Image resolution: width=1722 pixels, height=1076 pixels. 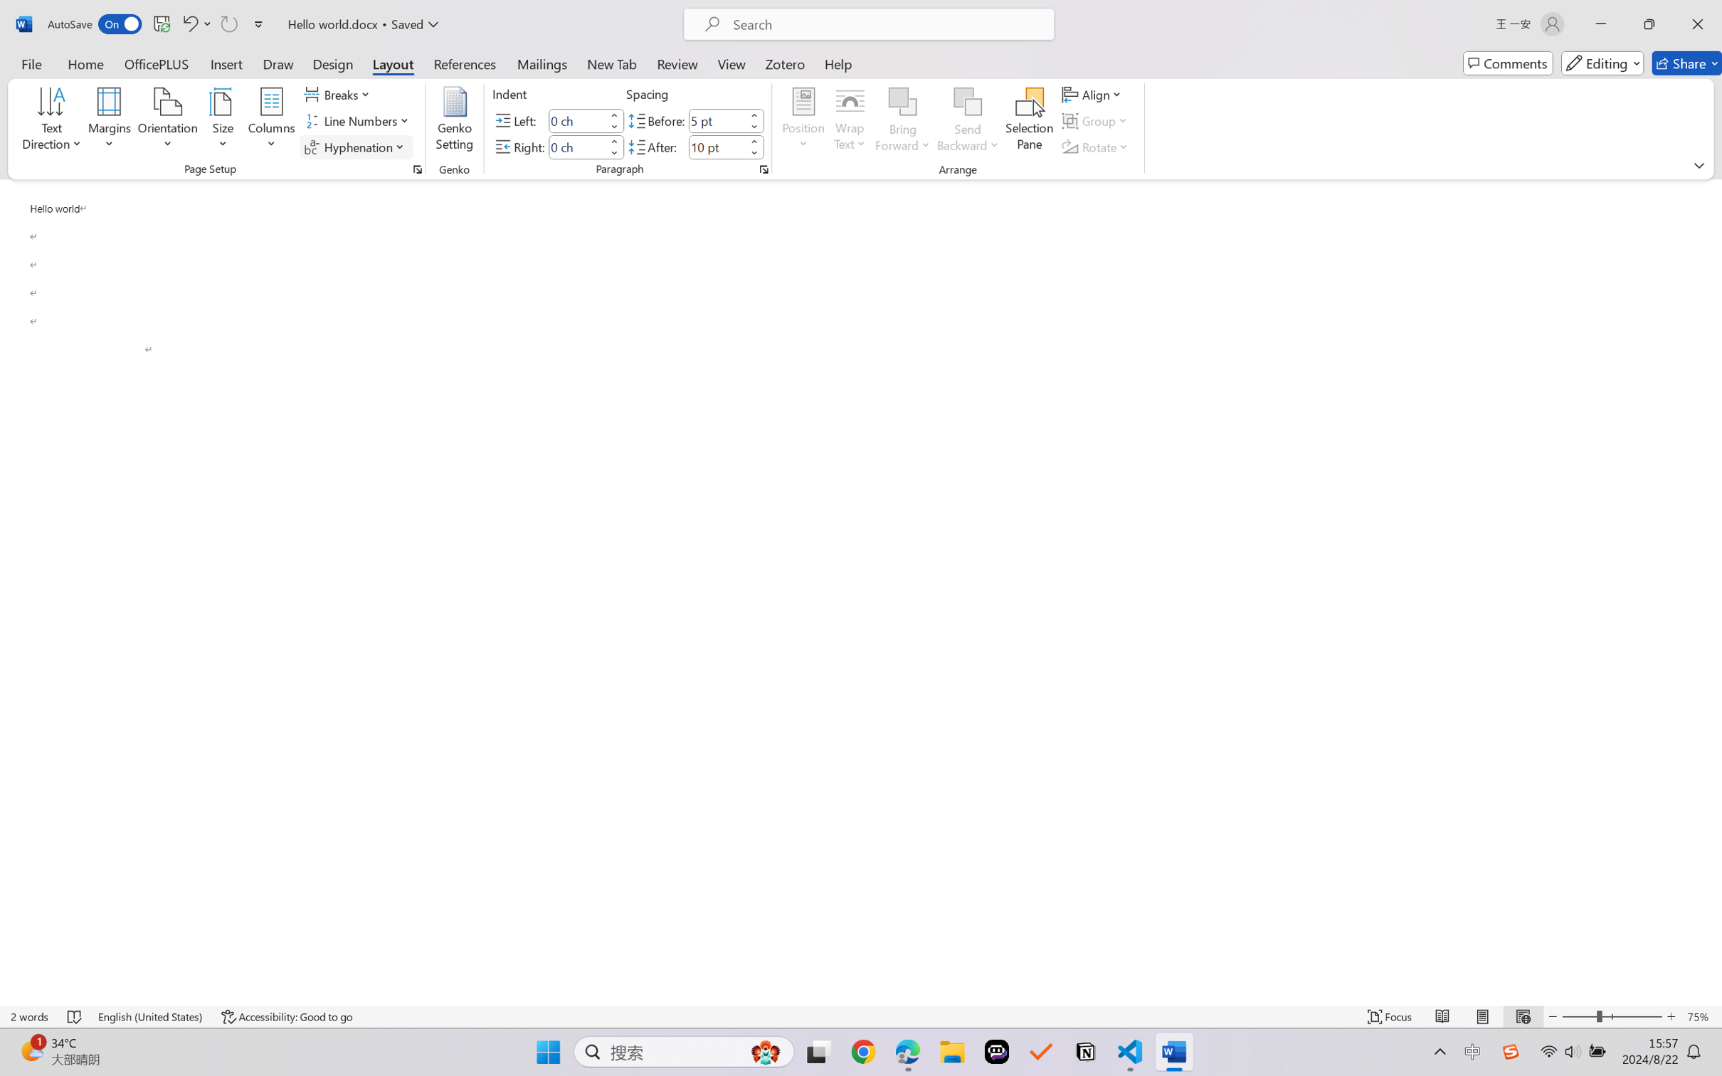 I want to click on 'Web Layout', so click(x=1522, y=1016).